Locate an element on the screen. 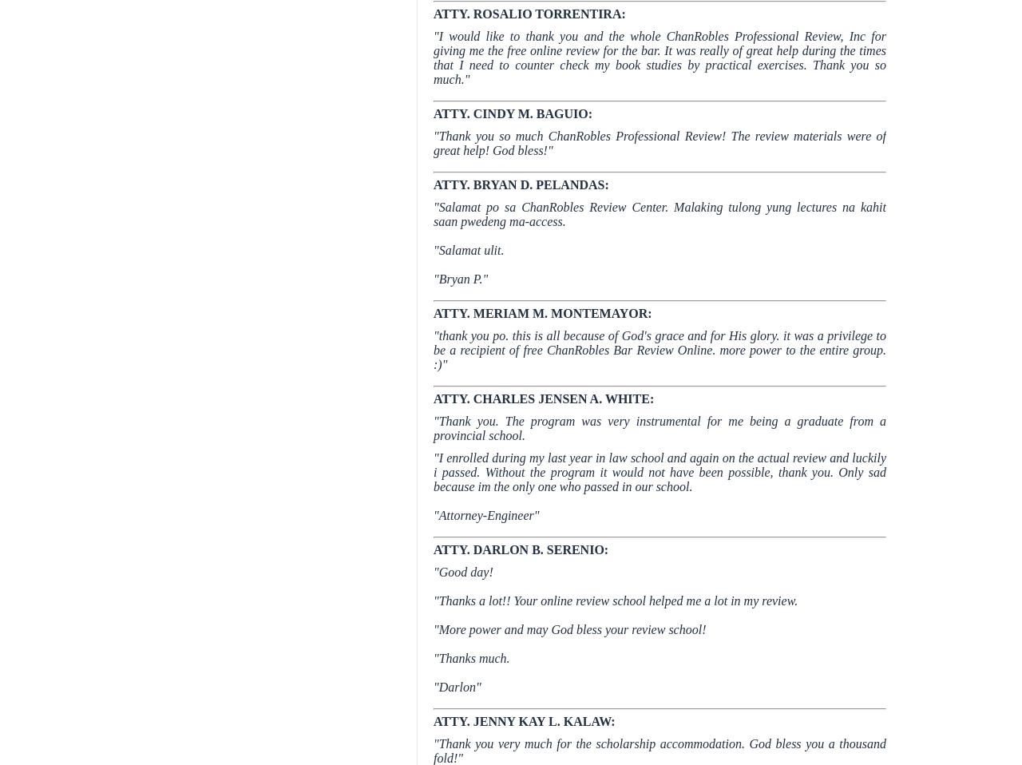 This screenshot has height=765, width=1022. '"More power and may God bless your review school!' is located at coordinates (569, 629).